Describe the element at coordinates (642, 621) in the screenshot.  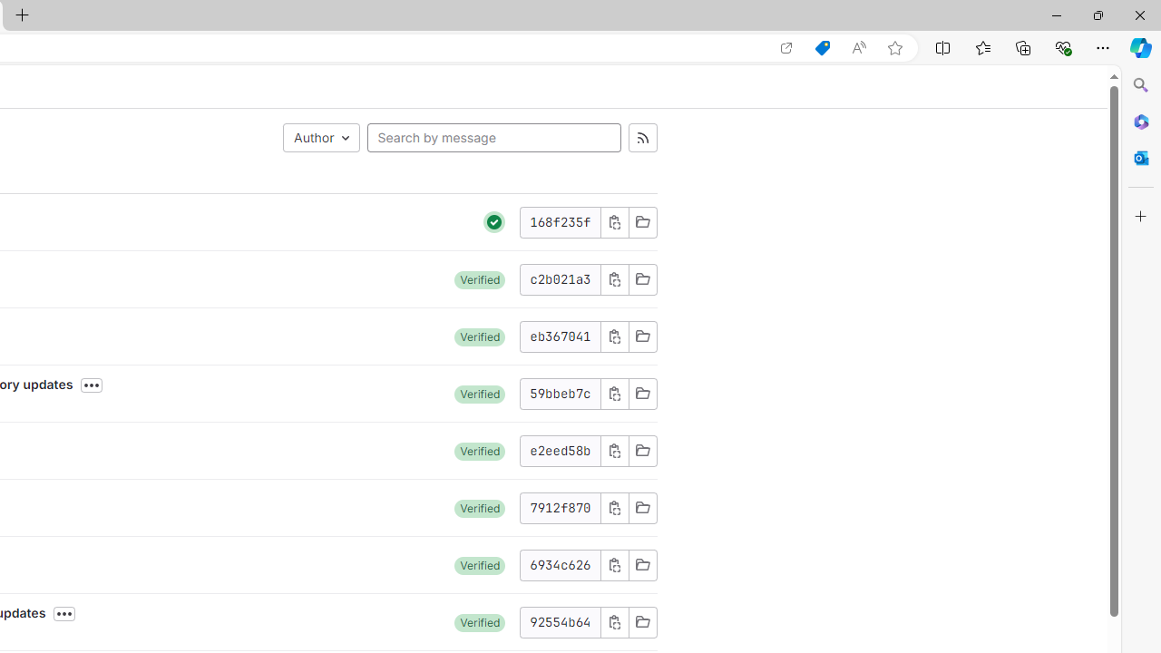
I see `'Class: s16'` at that location.